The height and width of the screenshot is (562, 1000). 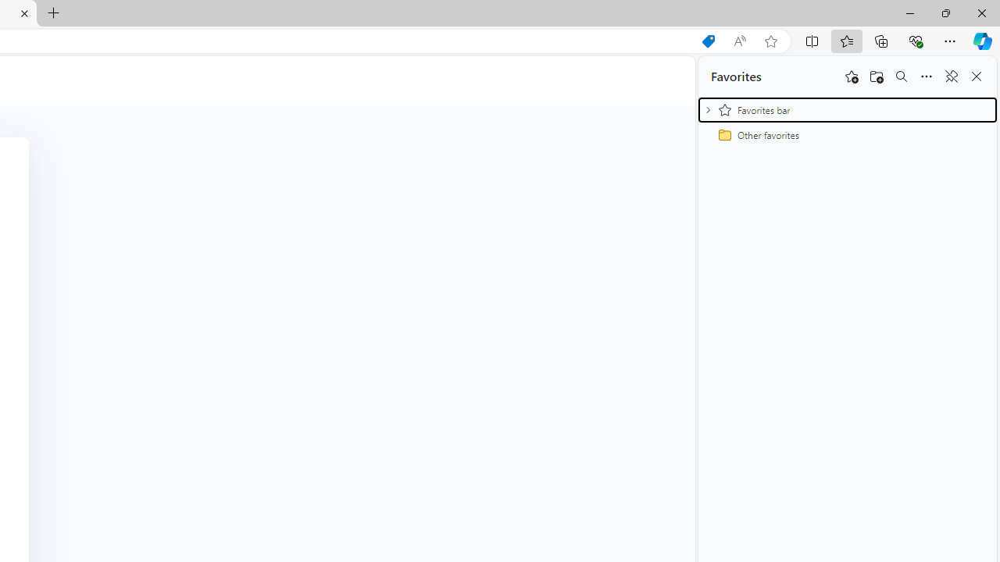 What do you see at coordinates (901, 76) in the screenshot?
I see `'Search favorites'` at bounding box center [901, 76].